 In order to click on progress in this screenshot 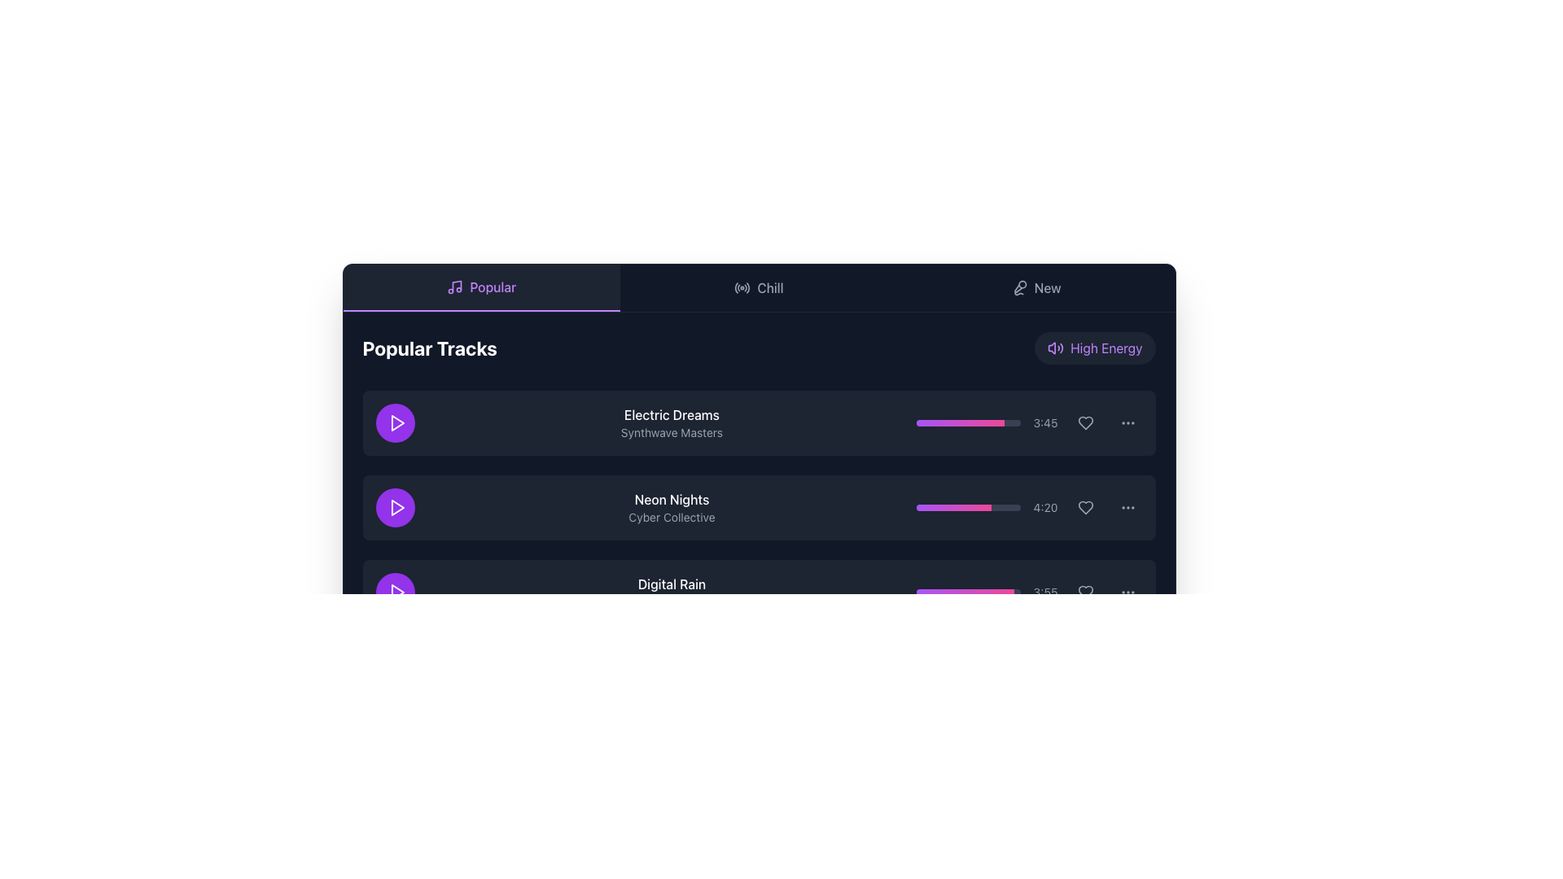, I will do `click(916, 507)`.